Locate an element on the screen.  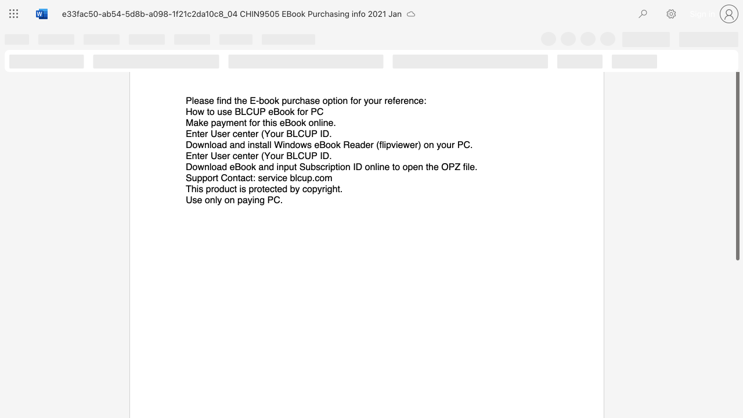
the scrollbar on the right side to scroll the page down is located at coordinates (737, 399).